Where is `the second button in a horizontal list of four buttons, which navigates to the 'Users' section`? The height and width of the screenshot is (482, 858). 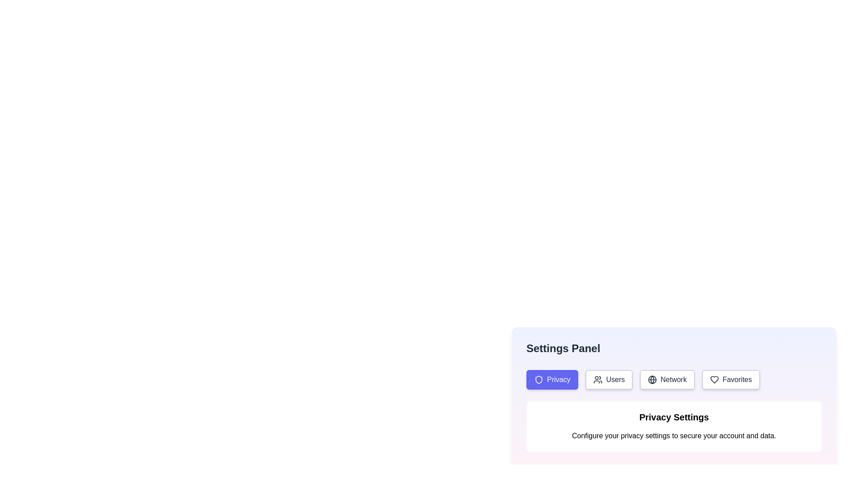
the second button in a horizontal list of four buttons, which navigates to the 'Users' section is located at coordinates (609, 380).